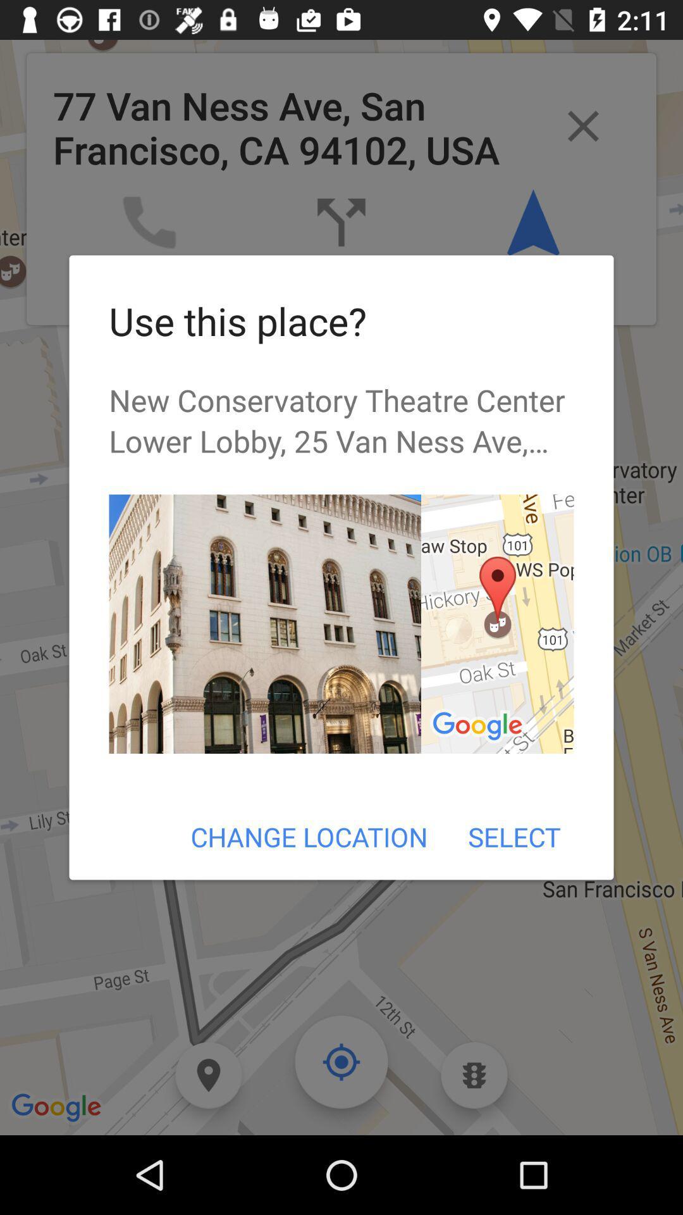 Image resolution: width=683 pixels, height=1215 pixels. I want to click on change location, so click(309, 837).